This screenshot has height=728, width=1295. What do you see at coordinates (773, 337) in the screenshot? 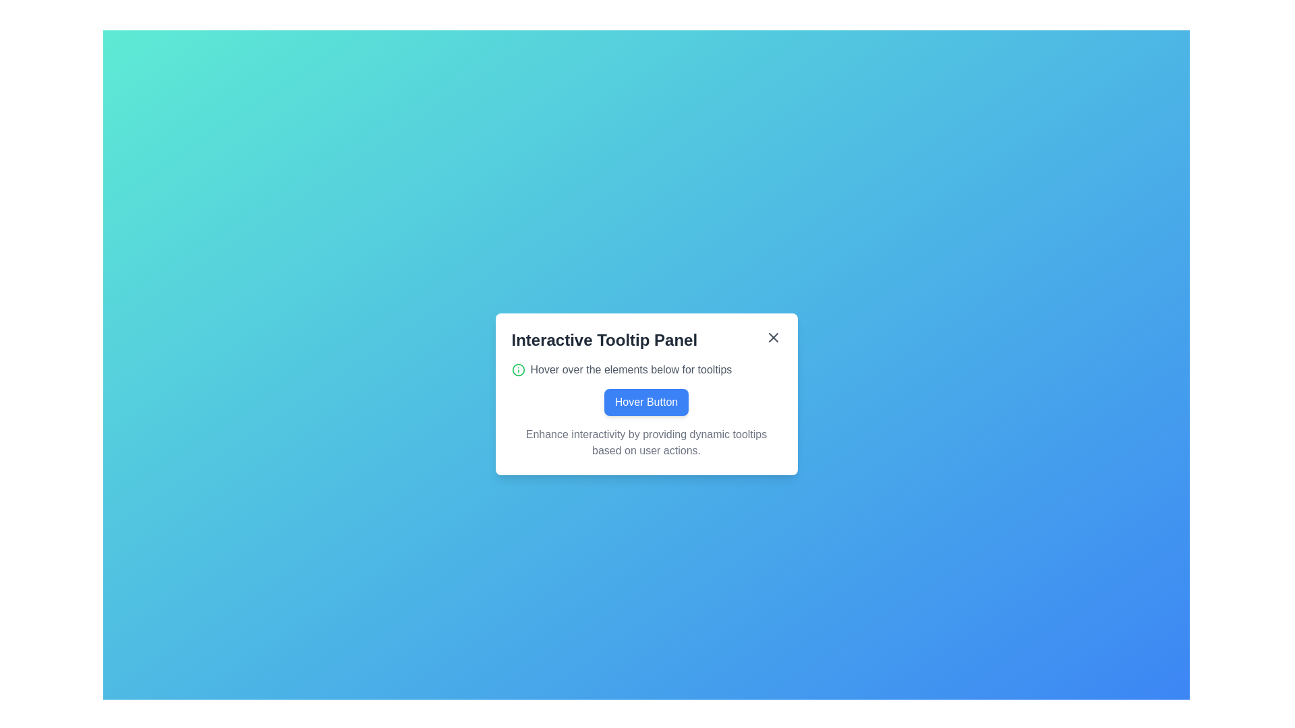
I see `the close button located in the top-right corner of the tooltip panel` at bounding box center [773, 337].